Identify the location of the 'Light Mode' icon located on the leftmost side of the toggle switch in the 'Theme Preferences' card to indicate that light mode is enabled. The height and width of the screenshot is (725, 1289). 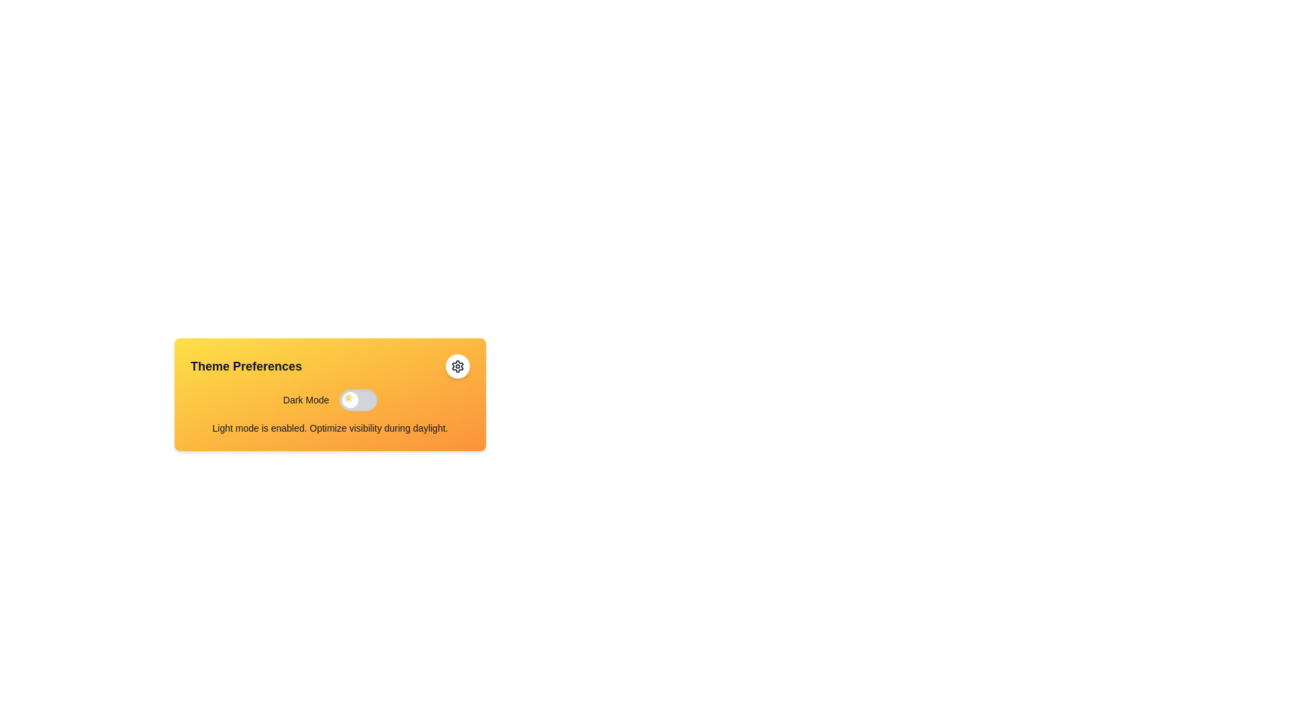
(348, 397).